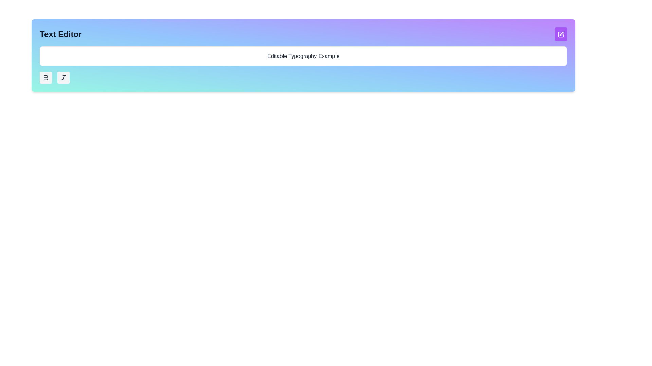 The image size is (652, 366). Describe the element at coordinates (45, 77) in the screenshot. I see `the bold formatting button, which is a square button with a rounded border and a light gray background, containing a bold 'B' icon in dark gray, located at the top section of the interface` at that location.